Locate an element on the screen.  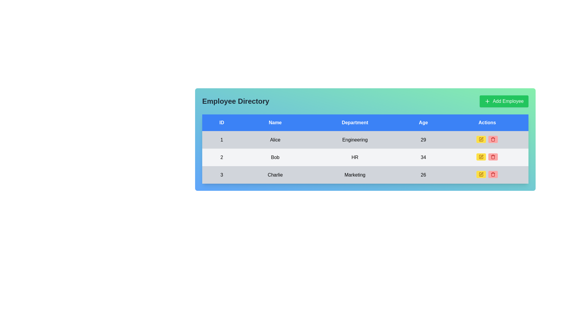
the table cell representing the age of the individual 'Bob' in the employee directory is located at coordinates (423, 157).